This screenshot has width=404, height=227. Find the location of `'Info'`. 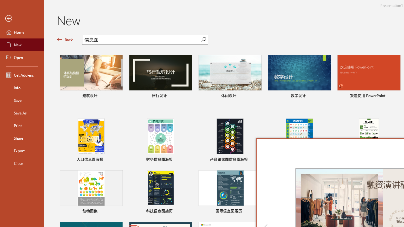

'Info' is located at coordinates (22, 87).